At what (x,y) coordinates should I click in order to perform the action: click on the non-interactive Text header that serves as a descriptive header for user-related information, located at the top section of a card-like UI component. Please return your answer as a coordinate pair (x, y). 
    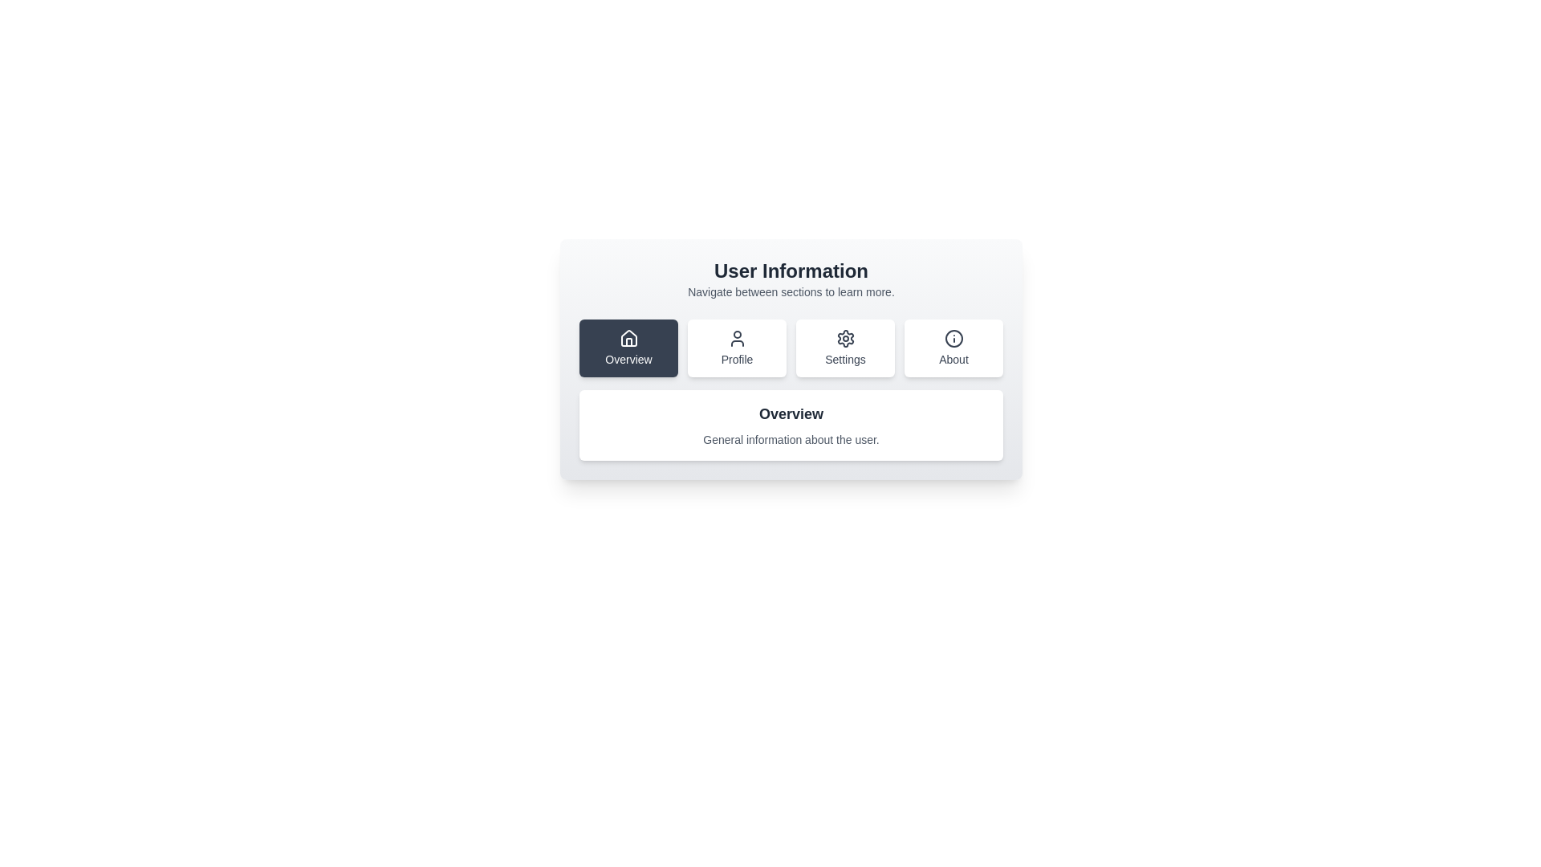
    Looking at the image, I should click on (791, 271).